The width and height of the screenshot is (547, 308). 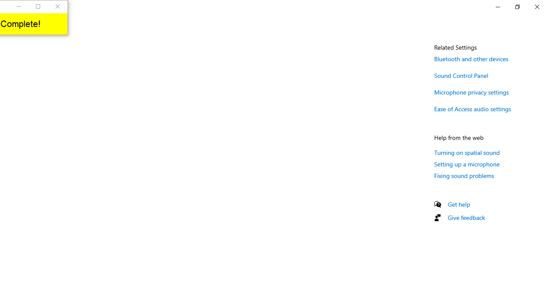 What do you see at coordinates (472, 108) in the screenshot?
I see `'Ease of Access audio settings'` at bounding box center [472, 108].